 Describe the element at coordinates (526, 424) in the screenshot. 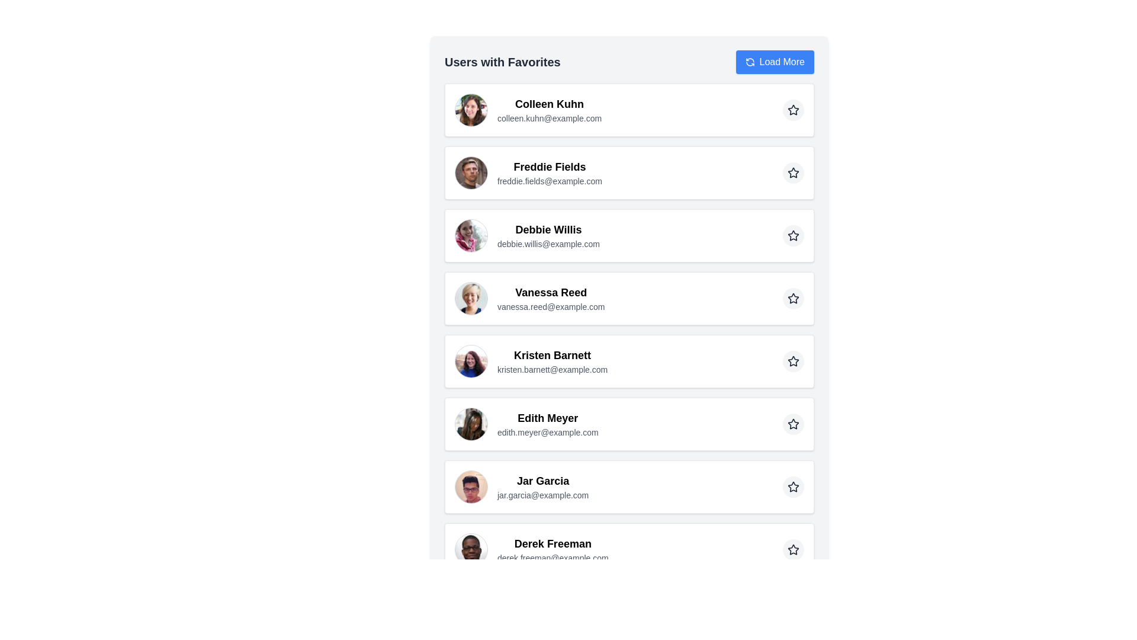

I see `the user's name 'Edith Meyer' in the Profile card element, which is the fifth item in a vertical list of user profiles` at that location.